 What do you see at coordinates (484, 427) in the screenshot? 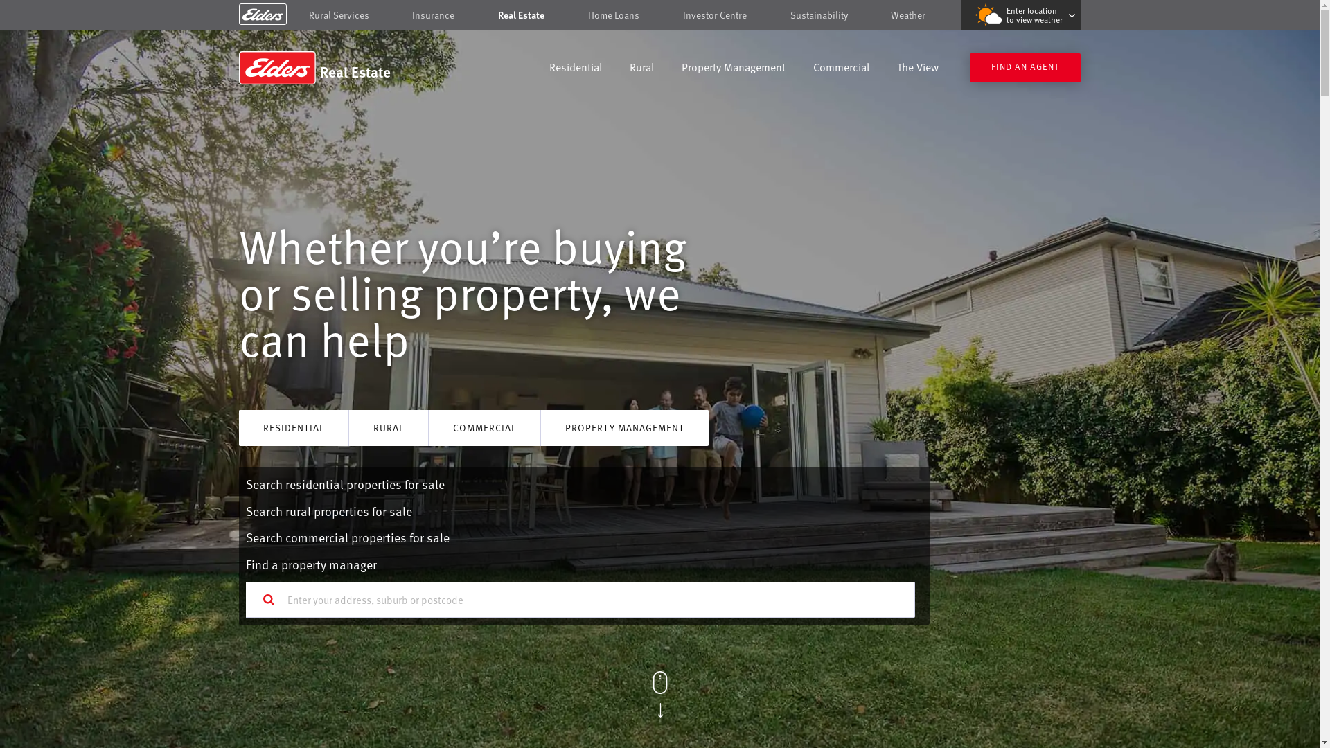
I see `'COMMERCIAL'` at bounding box center [484, 427].